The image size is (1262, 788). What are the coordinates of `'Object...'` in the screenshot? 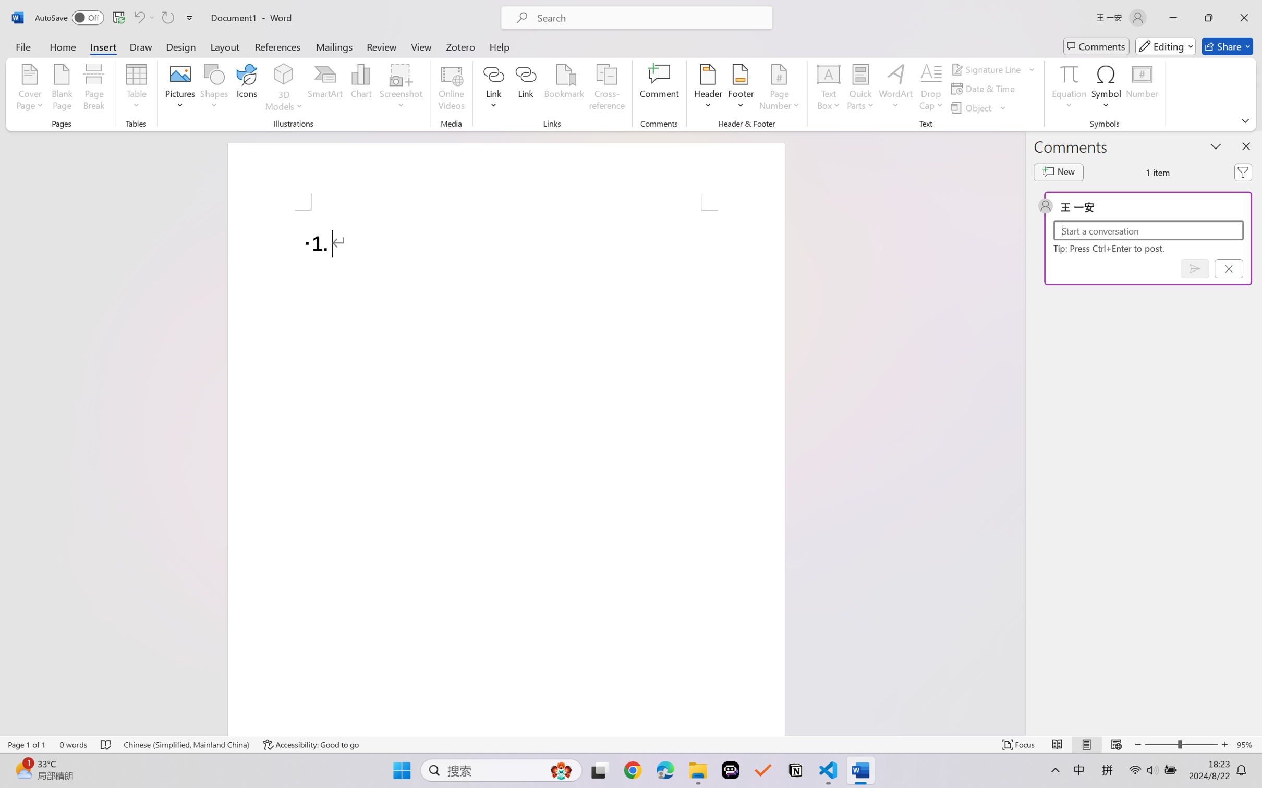 It's located at (978, 108).